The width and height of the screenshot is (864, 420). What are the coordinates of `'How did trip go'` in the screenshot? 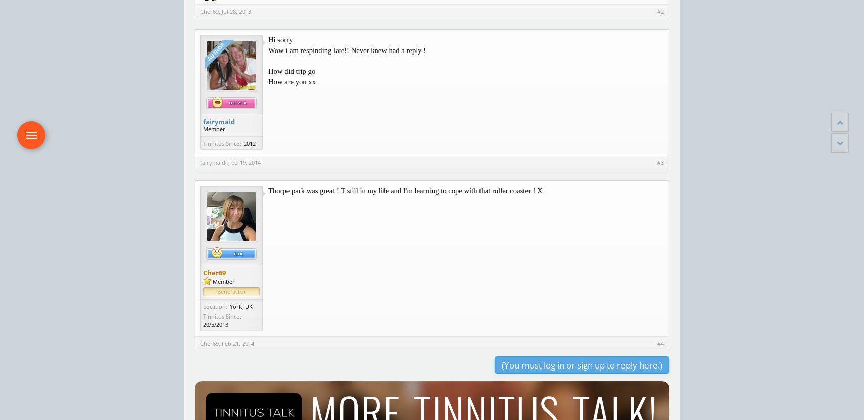 It's located at (292, 71).